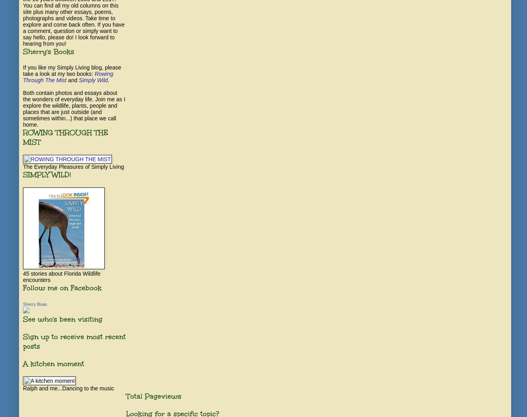 The height and width of the screenshot is (417, 527). I want to click on 'Rowing Through The Mist', so click(68, 77).